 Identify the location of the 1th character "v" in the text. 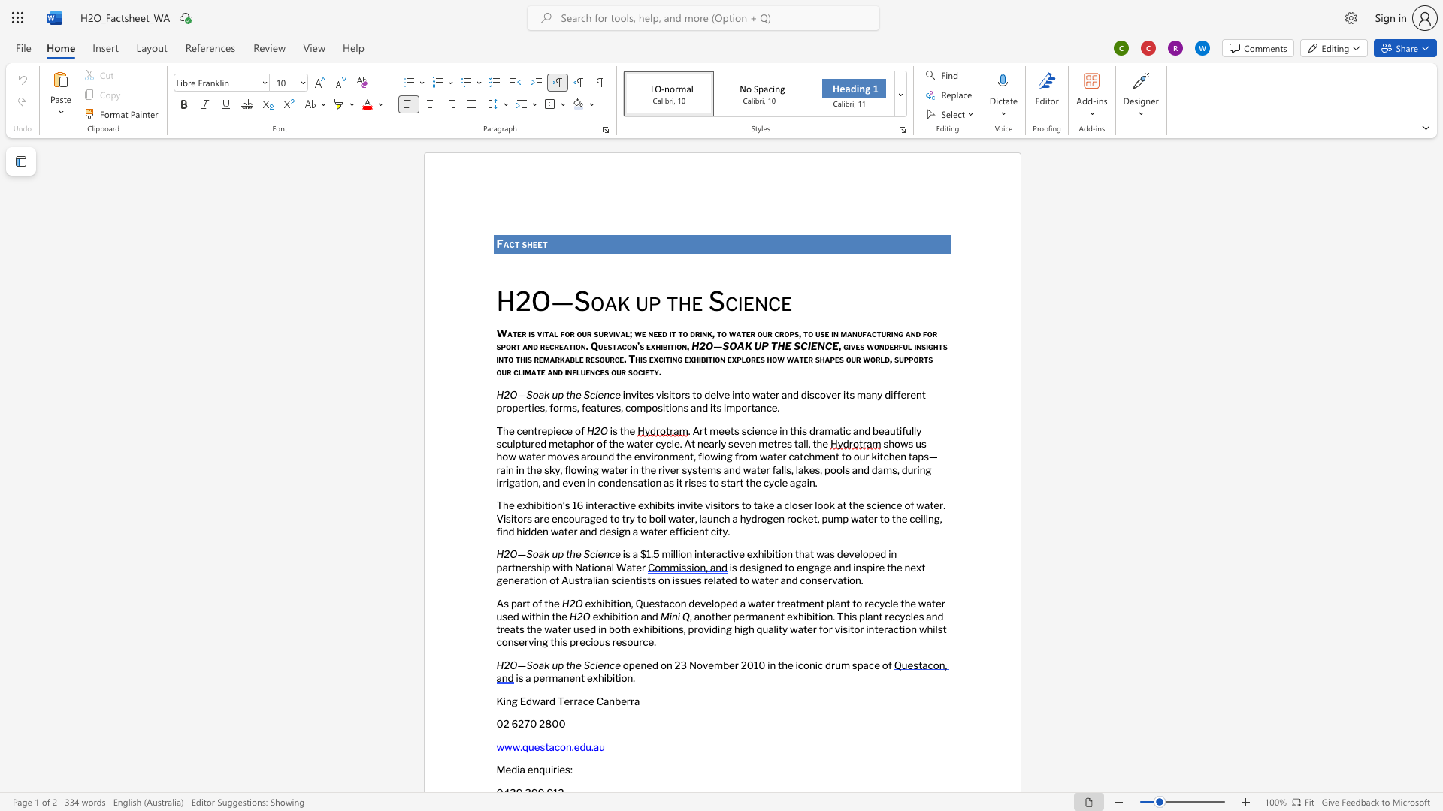
(702, 602).